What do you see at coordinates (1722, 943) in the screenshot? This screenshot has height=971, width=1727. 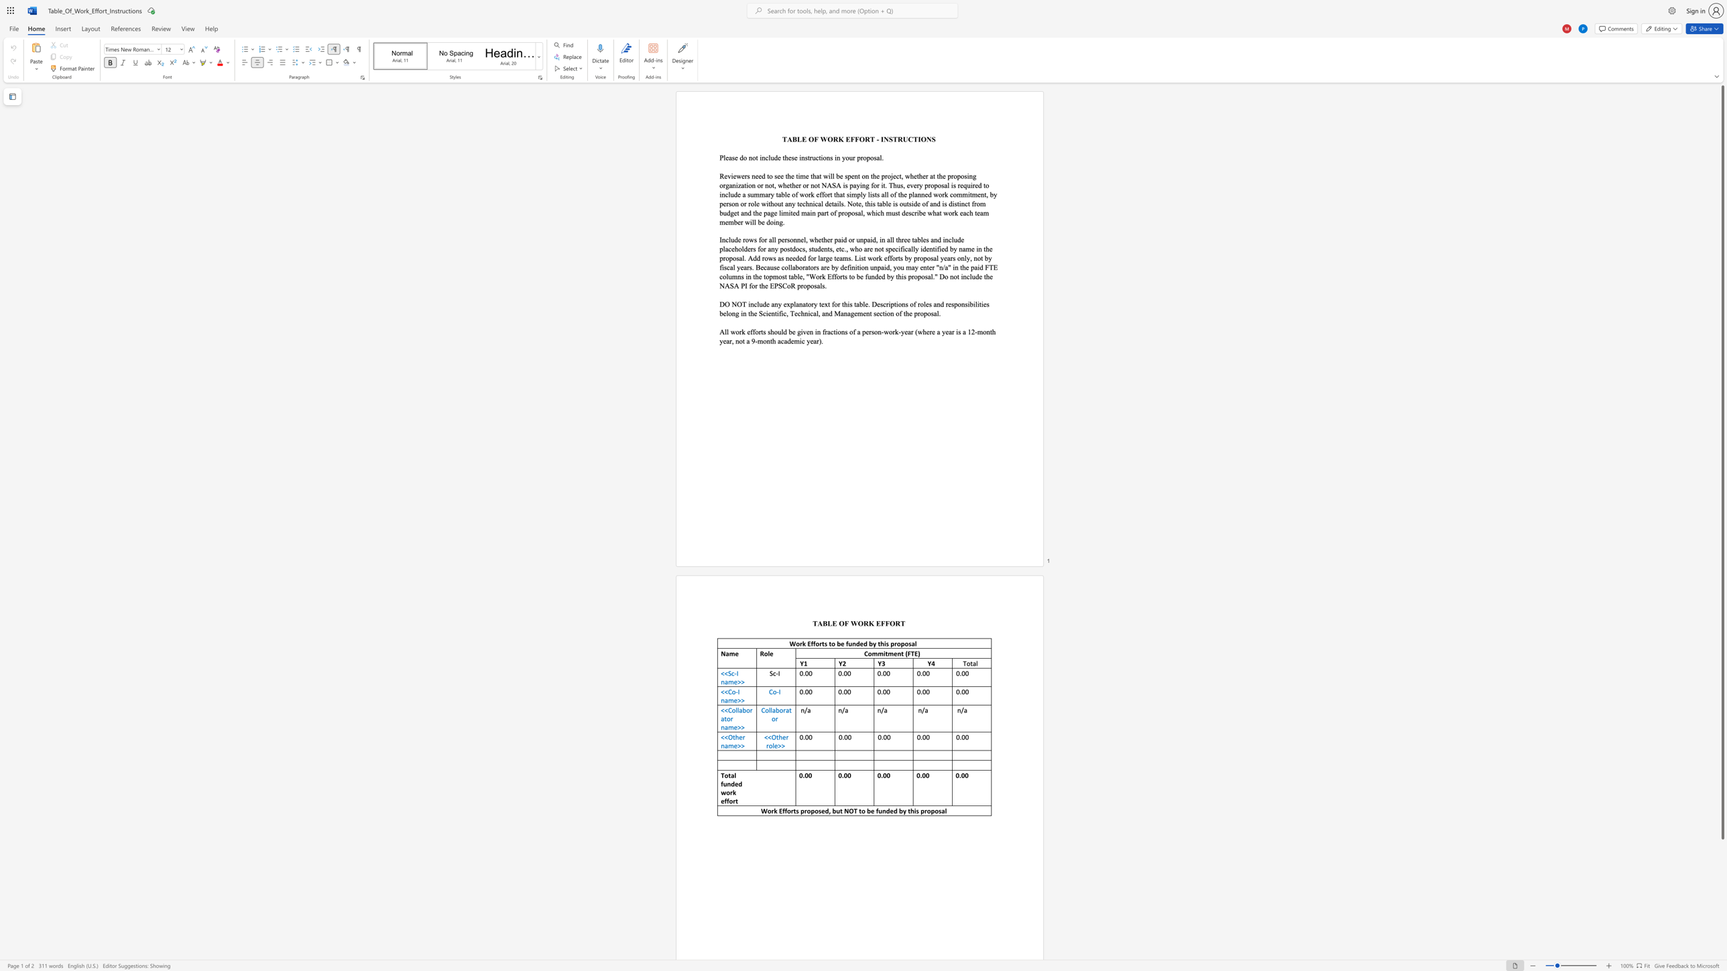 I see `the scrollbar on the right` at bounding box center [1722, 943].